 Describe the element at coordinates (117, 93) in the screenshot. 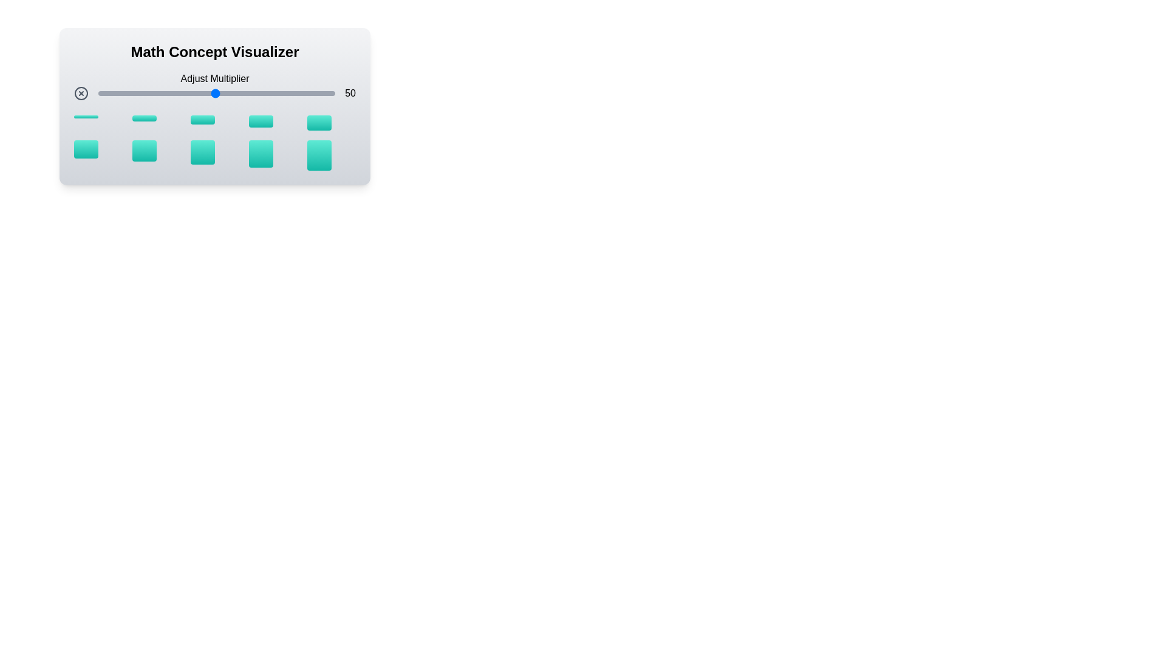

I see `the multiplier to 9 by adjusting the slider` at that location.